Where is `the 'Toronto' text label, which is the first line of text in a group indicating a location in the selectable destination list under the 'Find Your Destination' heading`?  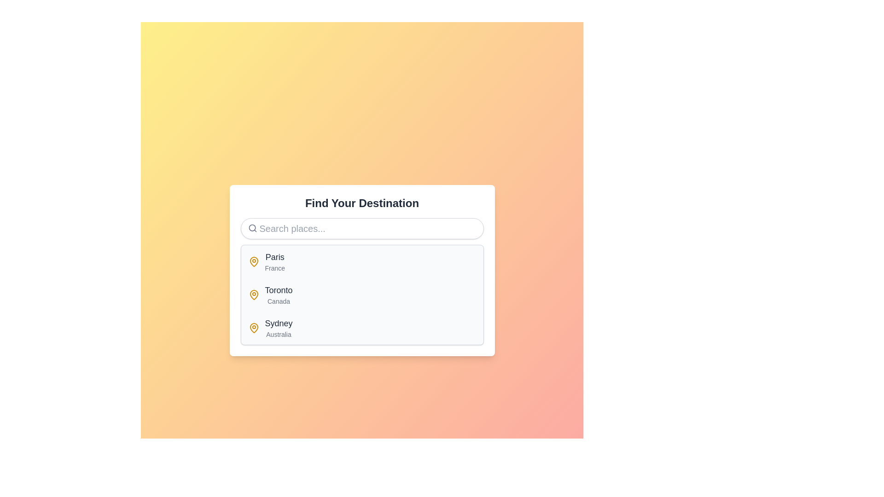
the 'Toronto' text label, which is the first line of text in a group indicating a location in the selectable destination list under the 'Find Your Destination' heading is located at coordinates (278, 290).